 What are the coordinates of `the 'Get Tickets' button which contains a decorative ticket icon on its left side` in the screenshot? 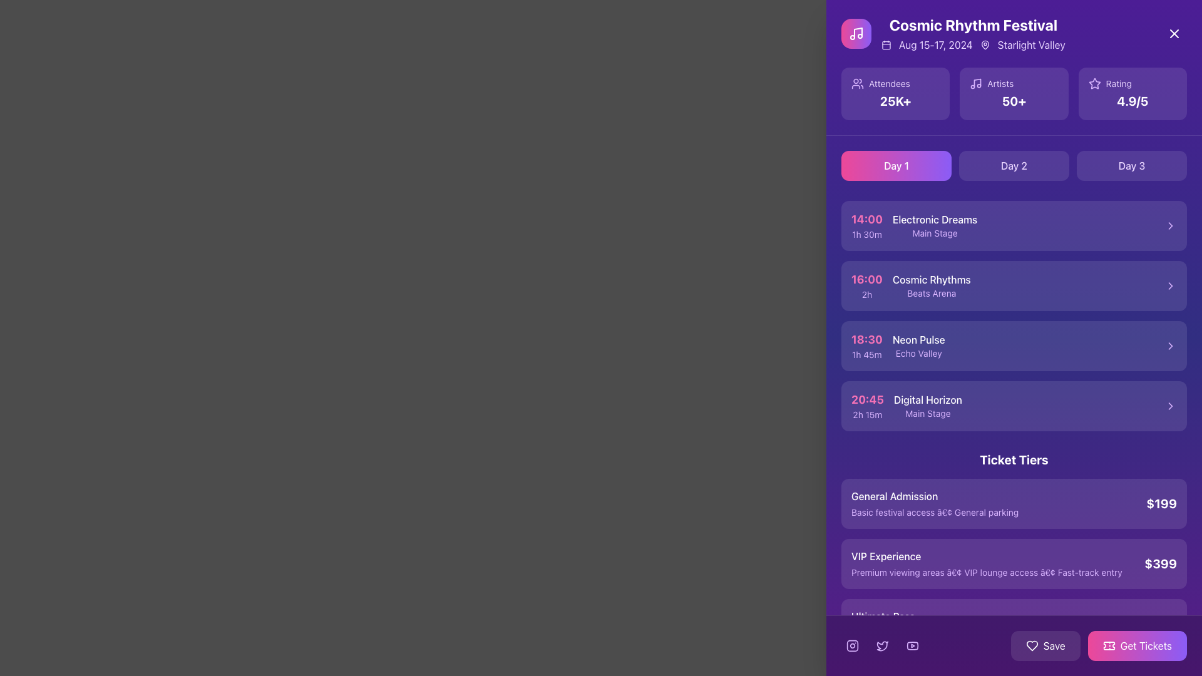 It's located at (1109, 646).